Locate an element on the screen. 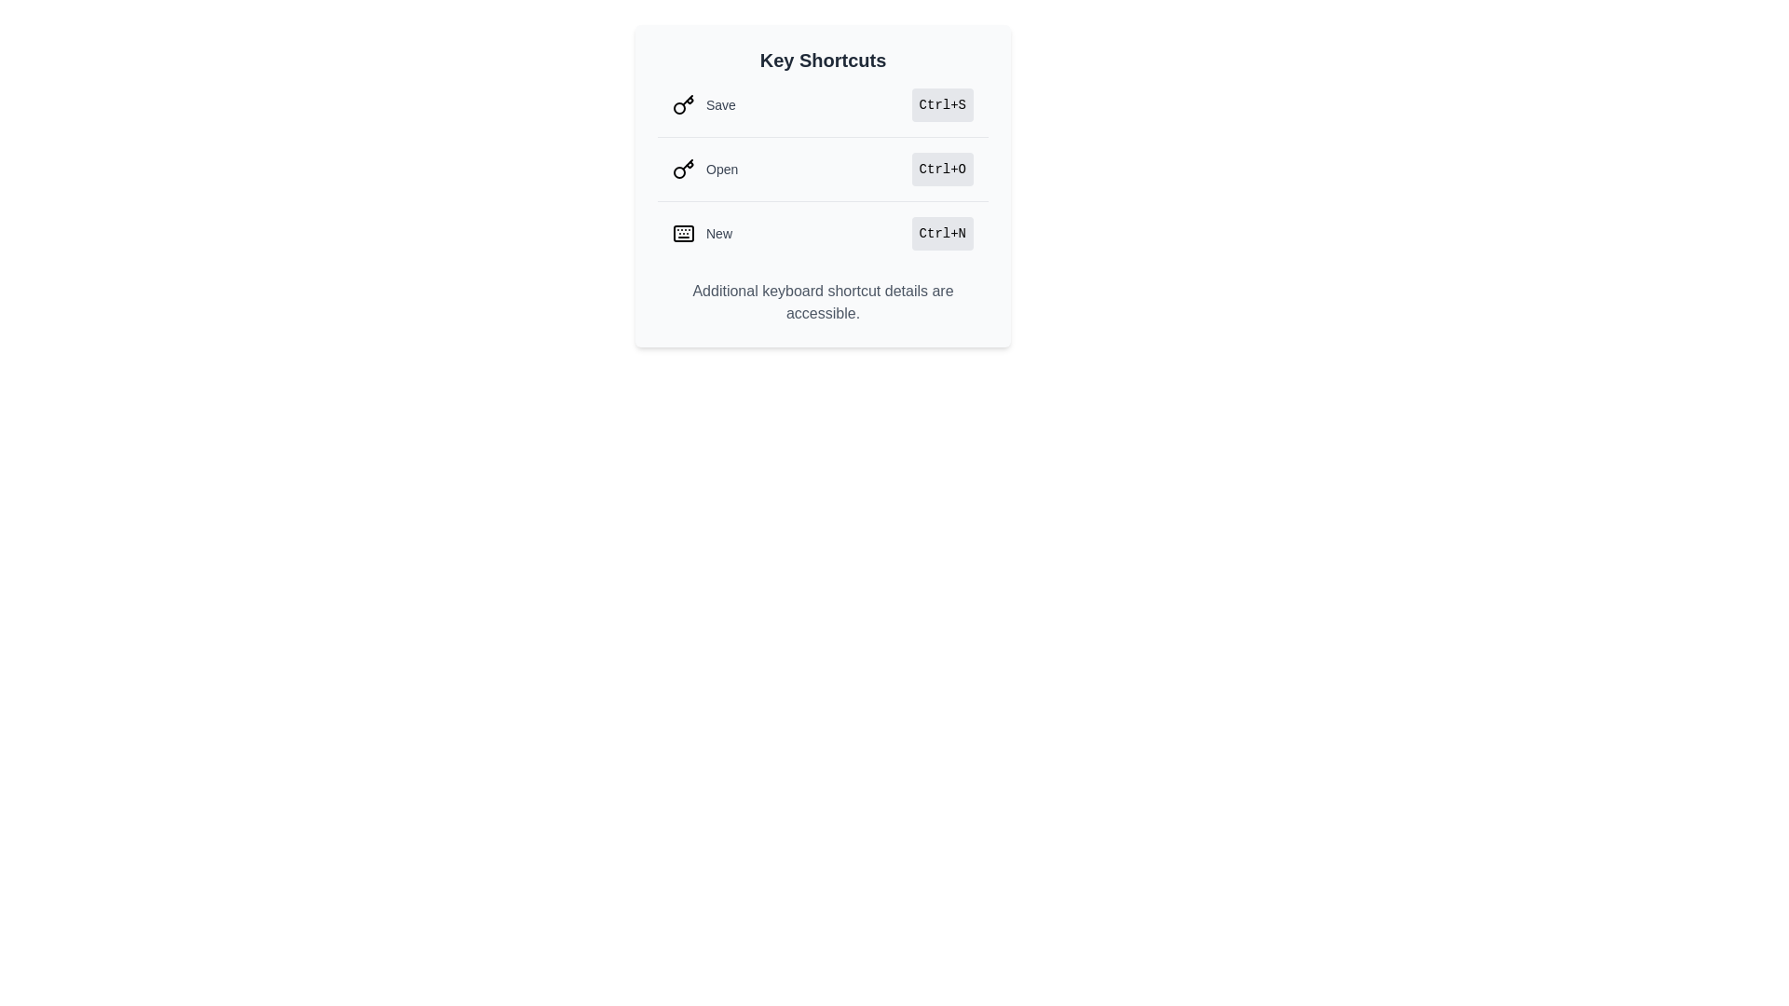  the keyboard icon located next to the 'New' text label, which is the first item in the list of keyboard shortcuts is located at coordinates (683, 232).